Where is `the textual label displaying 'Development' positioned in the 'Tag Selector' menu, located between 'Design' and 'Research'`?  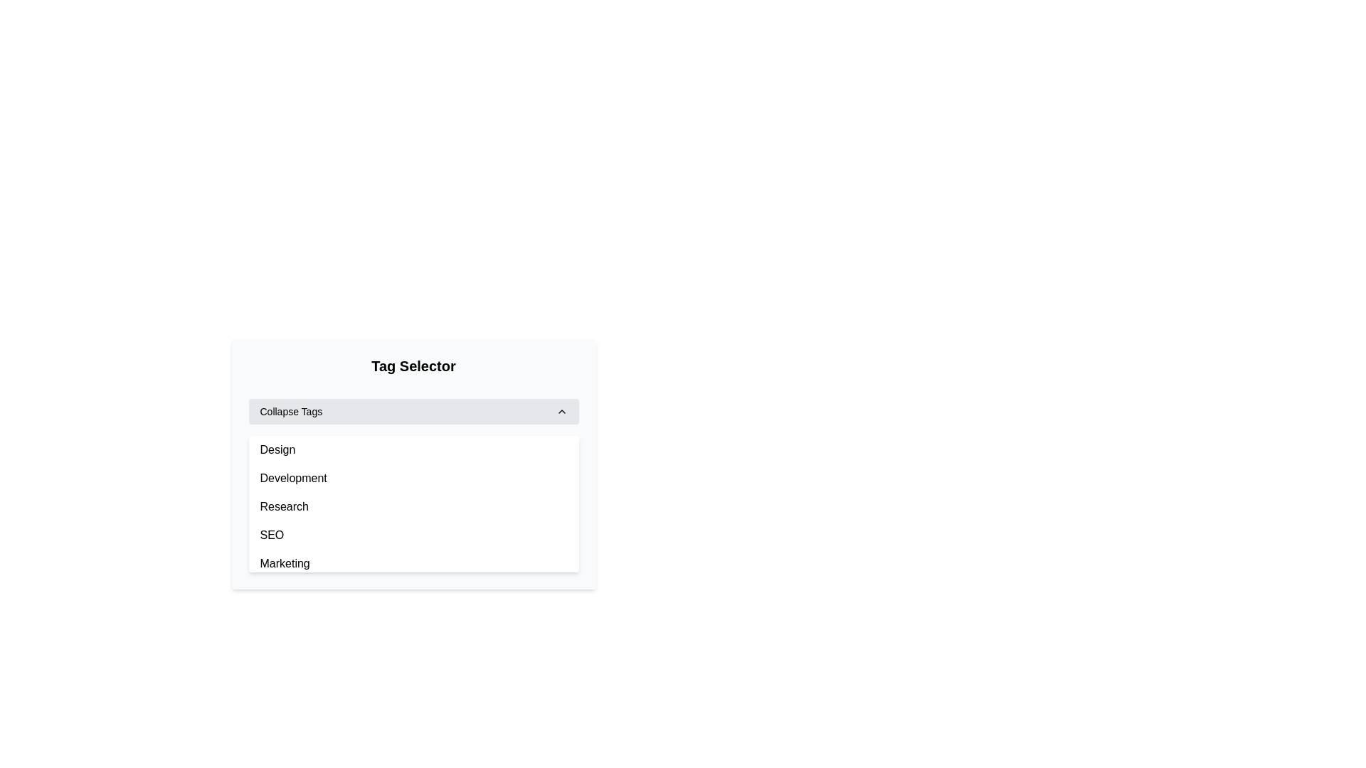 the textual label displaying 'Development' positioned in the 'Tag Selector' menu, located between 'Design' and 'Research' is located at coordinates (292, 478).